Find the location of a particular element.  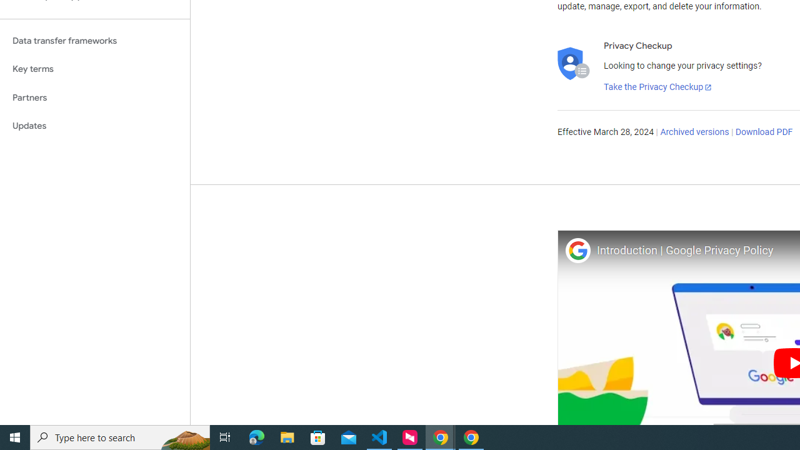

'Photo image of Google' is located at coordinates (577, 250).